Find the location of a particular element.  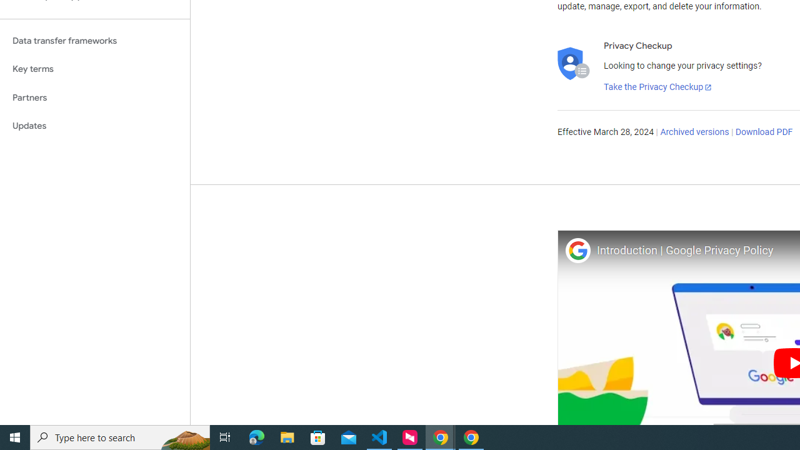

'Photo image of Google' is located at coordinates (577, 250).